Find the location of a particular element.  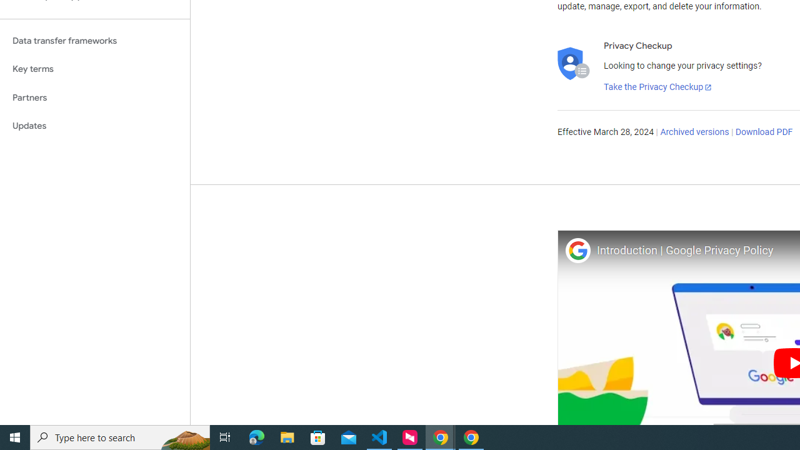

'Photo image of Google' is located at coordinates (577, 250).